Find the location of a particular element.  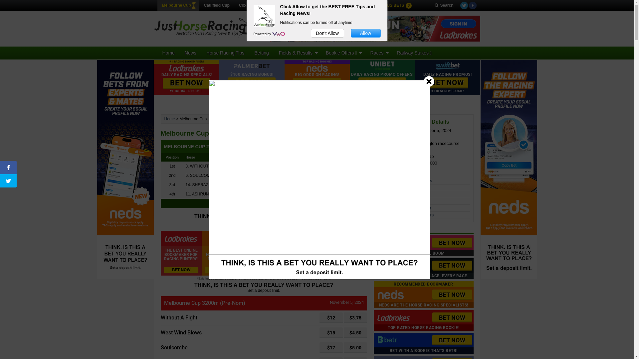

'BET NOW is located at coordinates (423, 246).